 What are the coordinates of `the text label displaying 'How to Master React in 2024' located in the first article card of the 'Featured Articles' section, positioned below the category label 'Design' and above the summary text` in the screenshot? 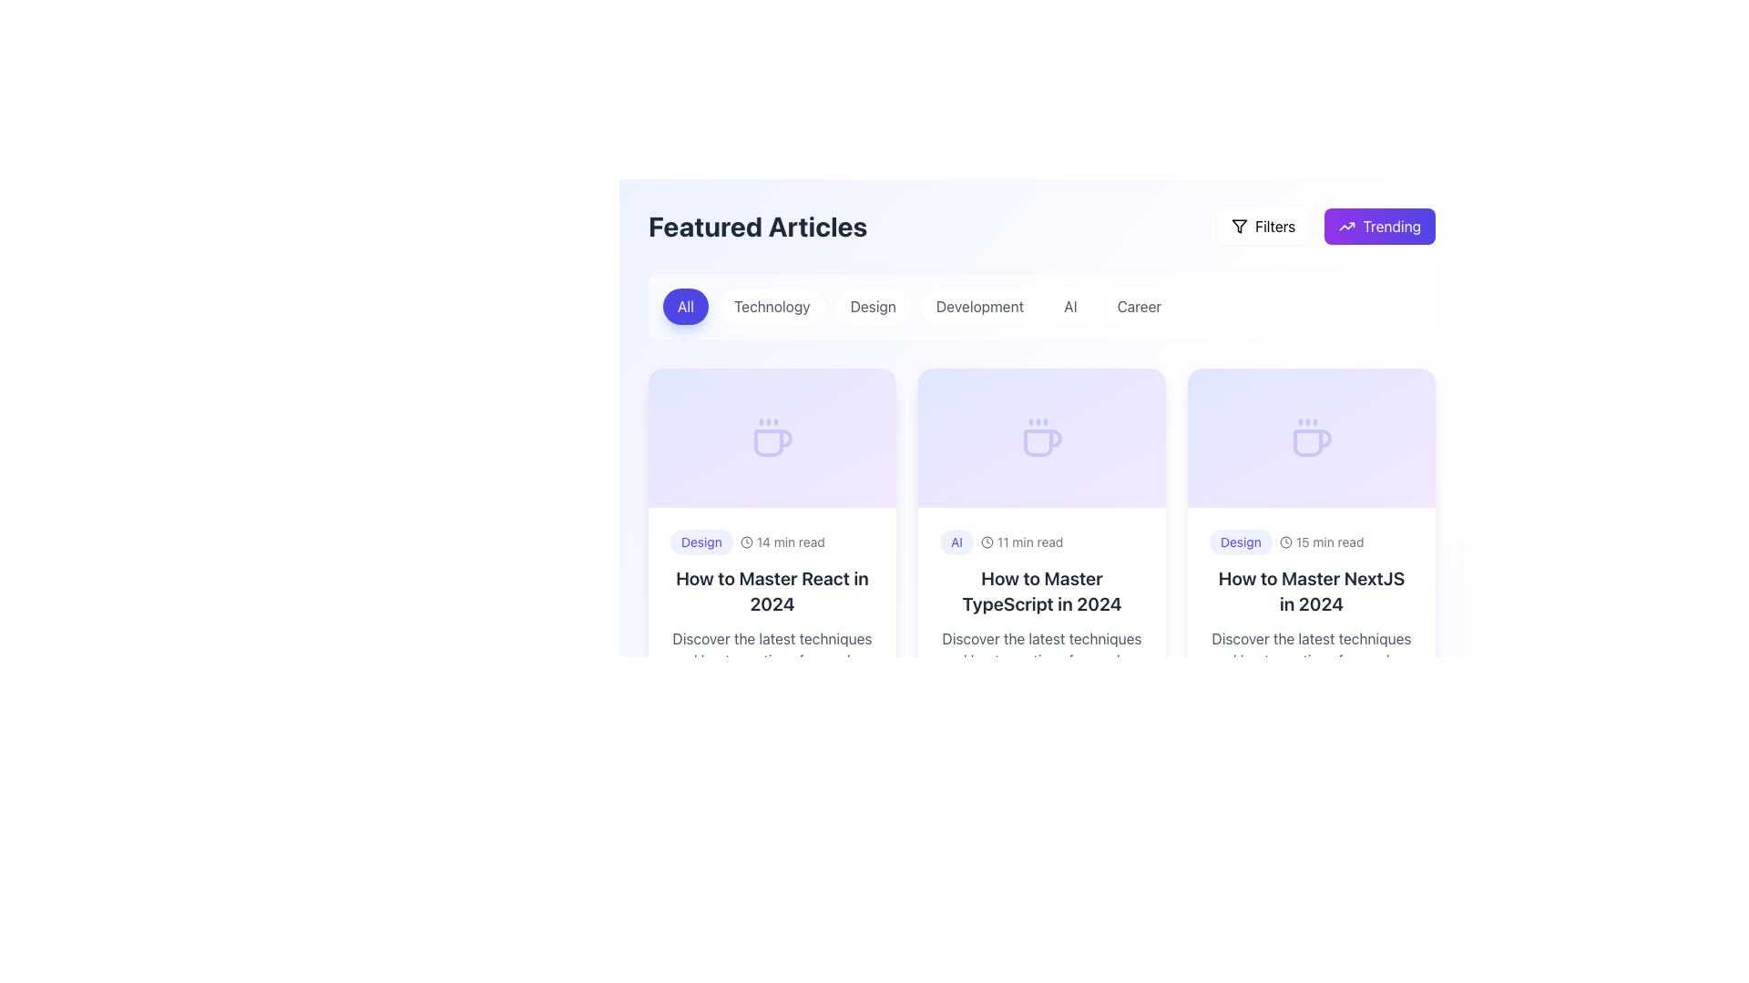 It's located at (772, 592).